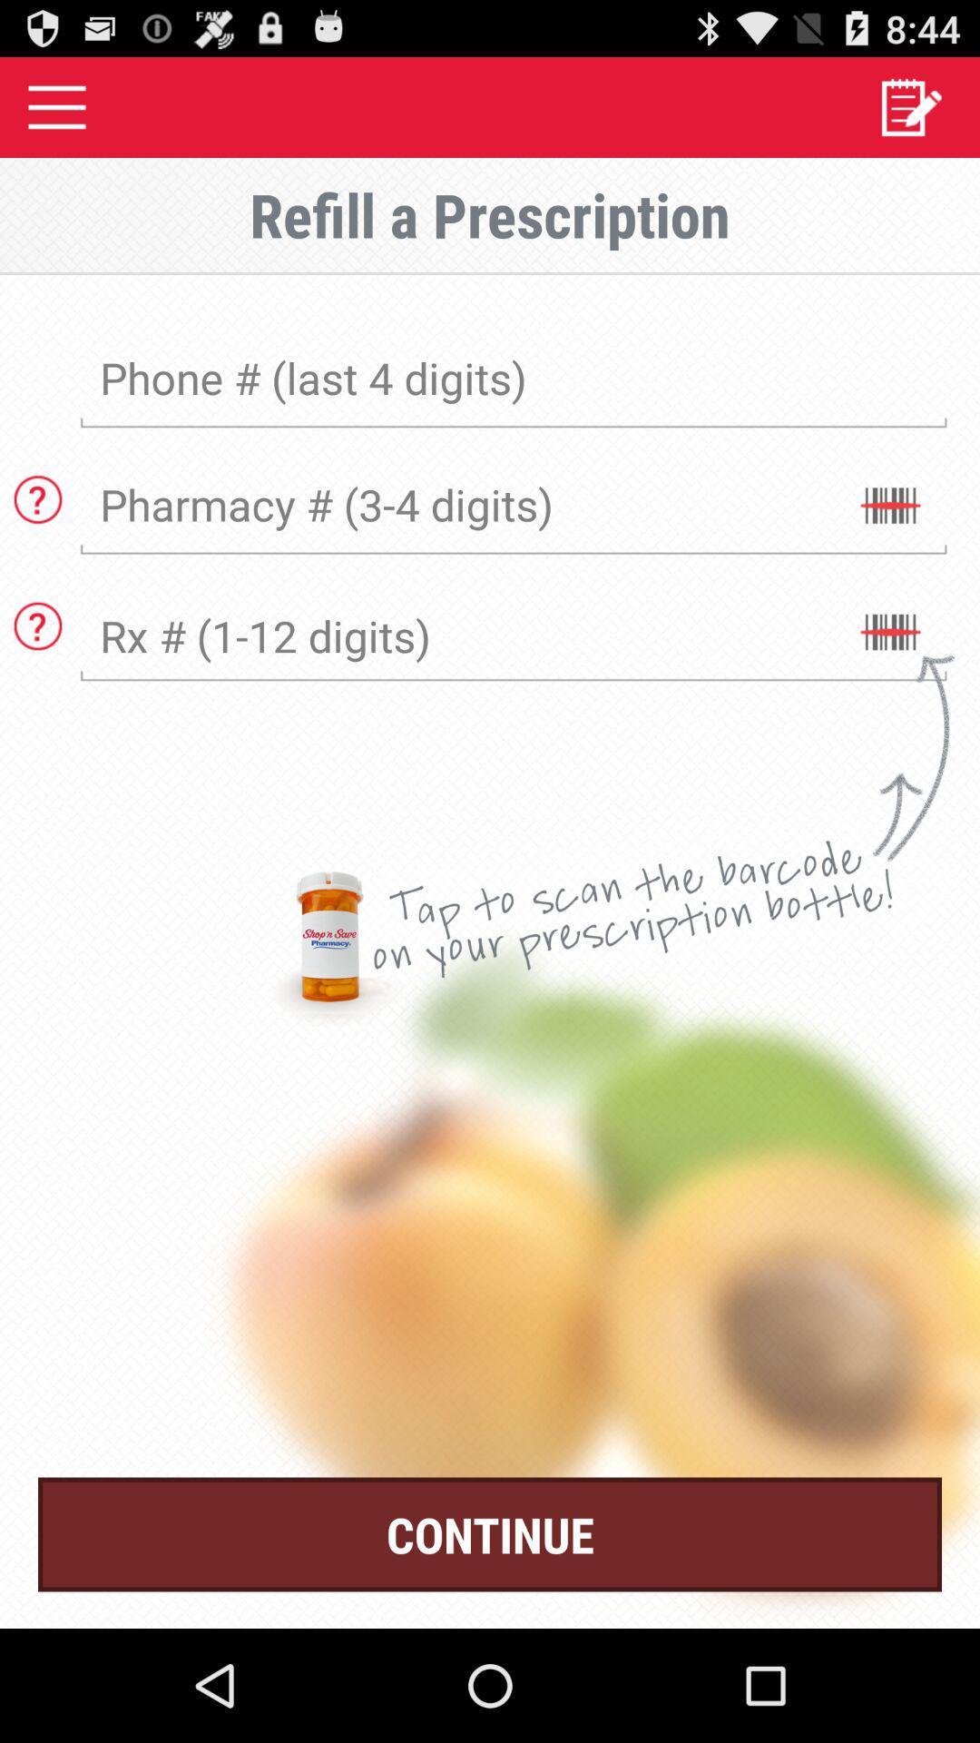 This screenshot has height=1743, width=980. What do you see at coordinates (888, 538) in the screenshot?
I see `the sliders icon` at bounding box center [888, 538].